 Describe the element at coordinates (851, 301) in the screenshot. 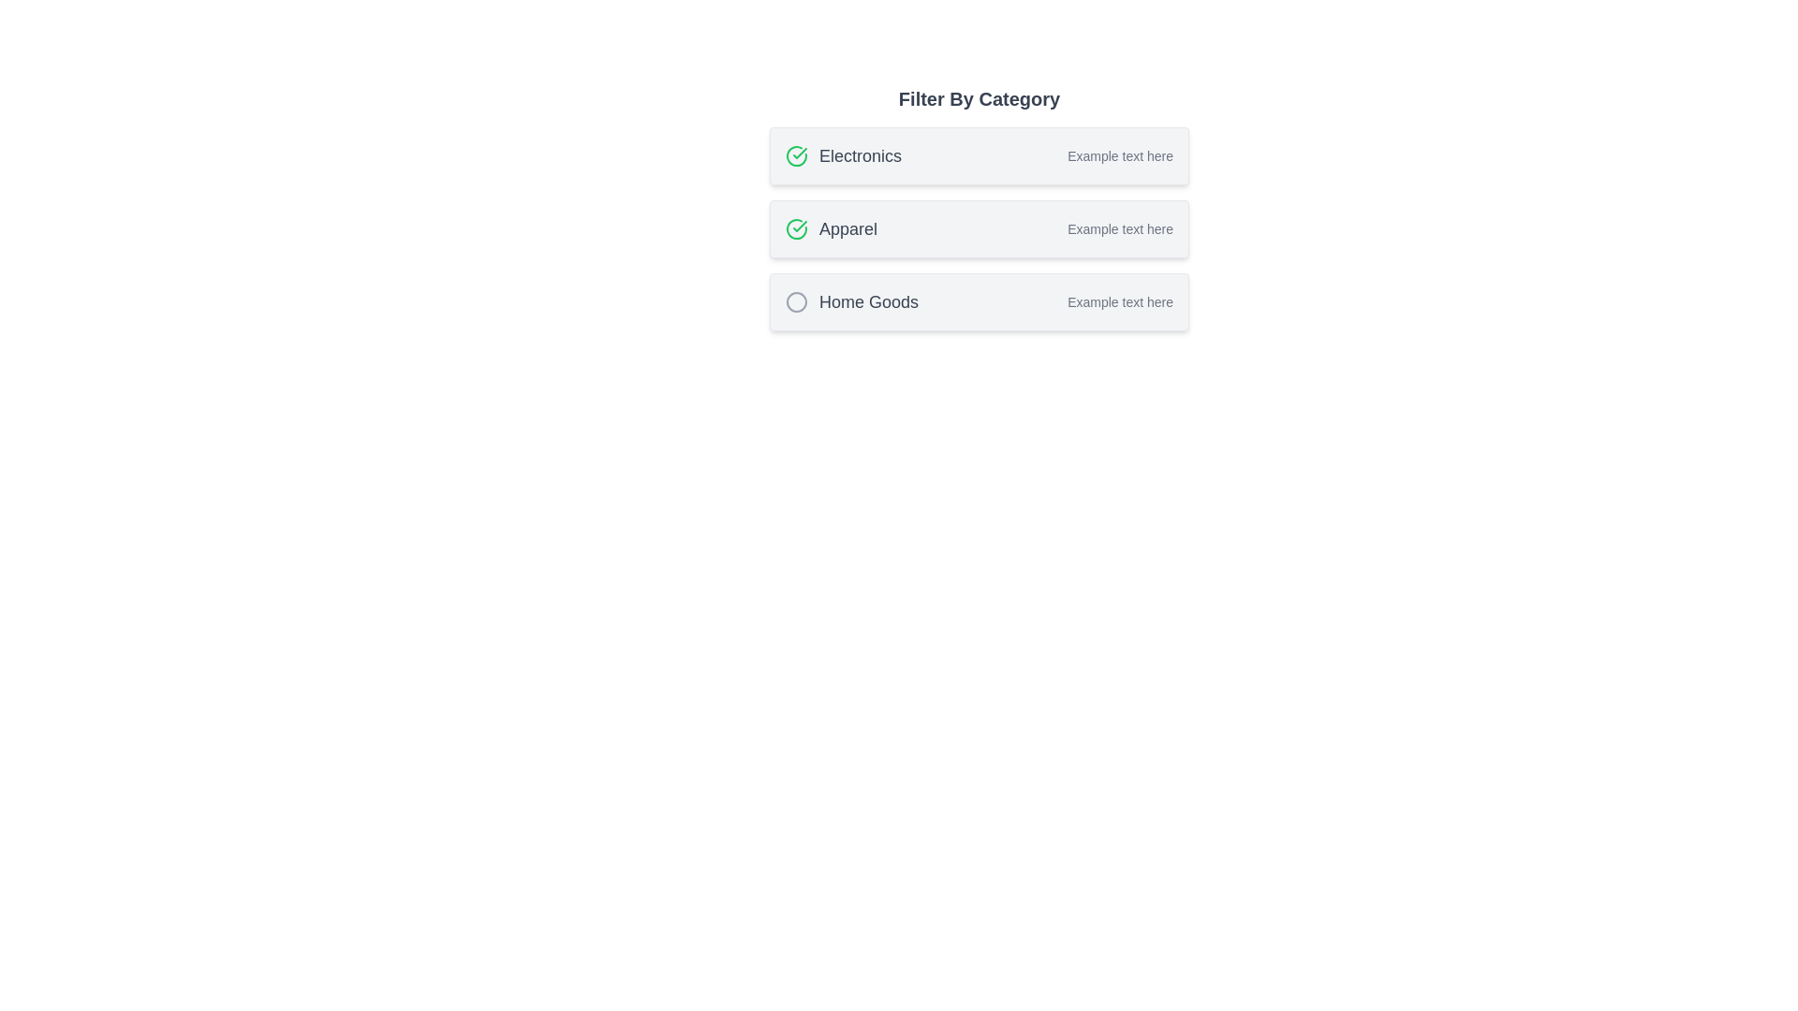

I see `the text label that serves as an identifier for a selectable category located beneath the 'Apparel' item in a vertically stacked list` at that location.